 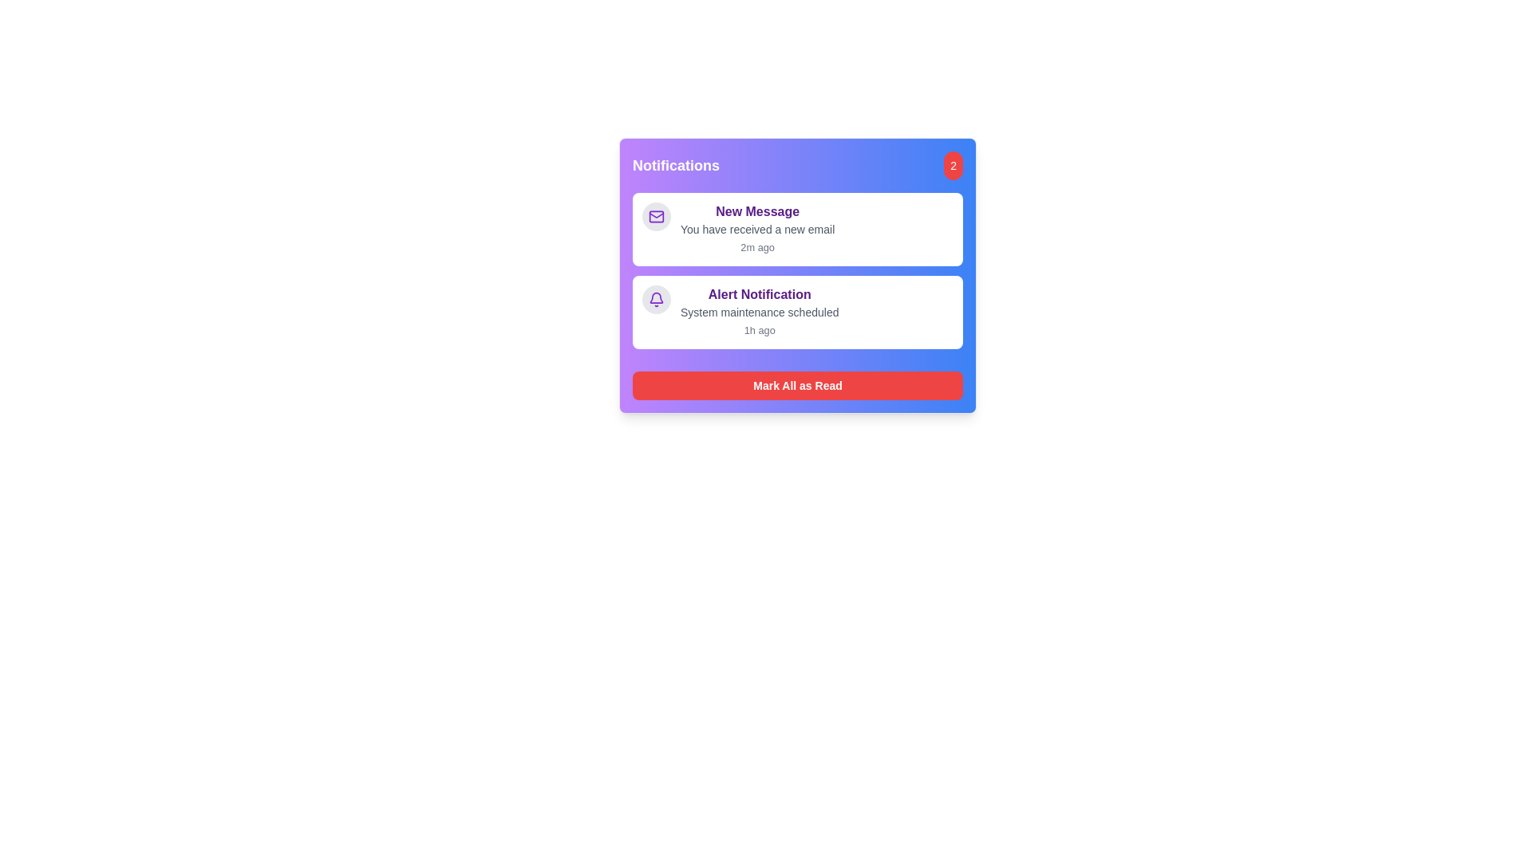 What do you see at coordinates (756, 211) in the screenshot?
I see `text label that reads 'New Message', which is styled in bold dark purple and is positioned at the top of the notification card` at bounding box center [756, 211].